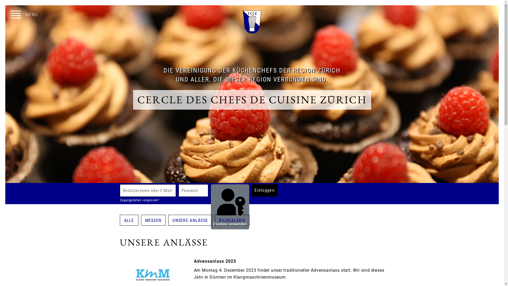  What do you see at coordinates (153, 220) in the screenshot?
I see `'MESSEN'` at bounding box center [153, 220].